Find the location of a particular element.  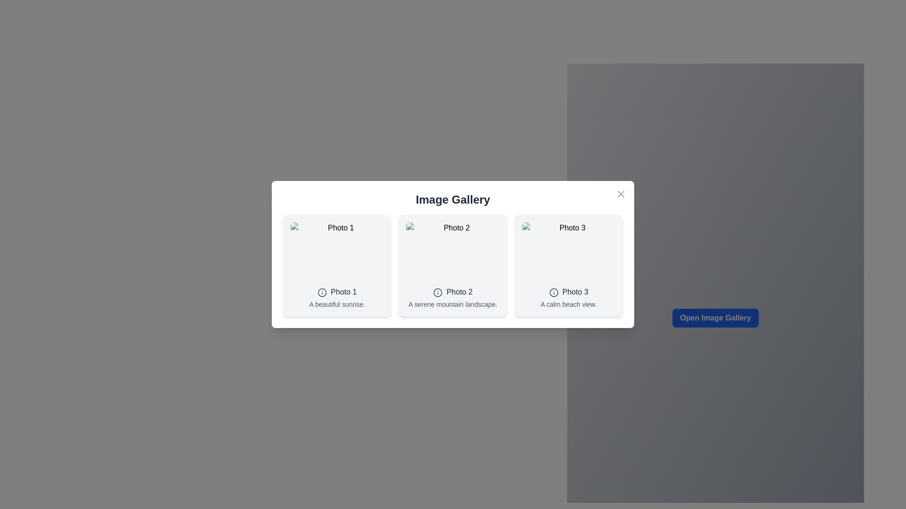

the close button (icon type) located in the top-right corner of the 'Image Gallery' modal is located at coordinates (621, 194).